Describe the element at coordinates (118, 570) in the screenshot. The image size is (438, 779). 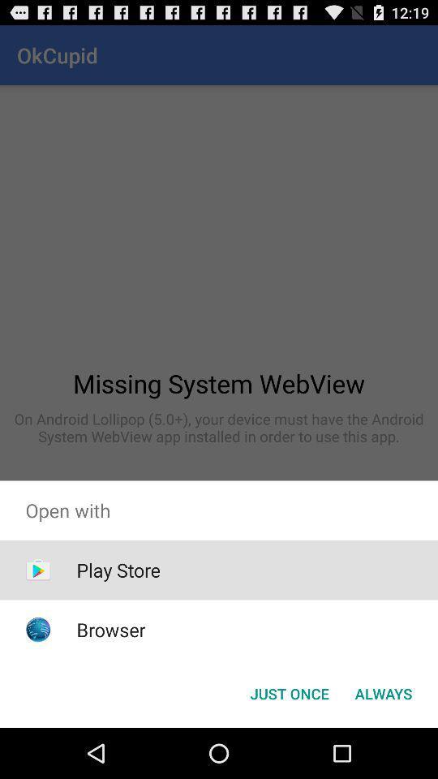
I see `app above browser` at that location.